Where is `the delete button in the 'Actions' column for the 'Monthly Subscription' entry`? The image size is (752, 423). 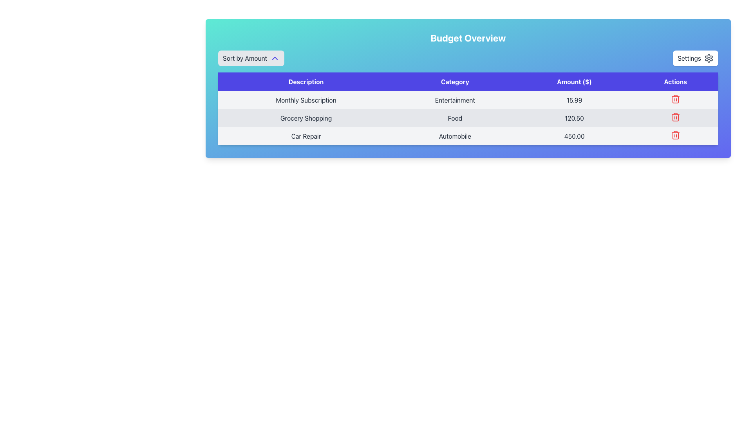
the delete button in the 'Actions' column for the 'Monthly Subscription' entry is located at coordinates (675, 99).